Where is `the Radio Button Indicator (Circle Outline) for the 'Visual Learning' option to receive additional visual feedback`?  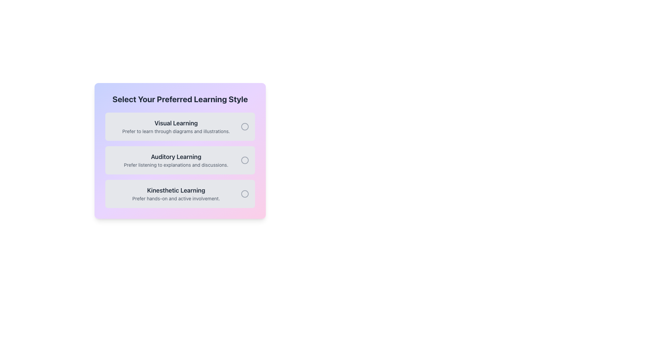
the Radio Button Indicator (Circle Outline) for the 'Visual Learning' option to receive additional visual feedback is located at coordinates (245, 127).